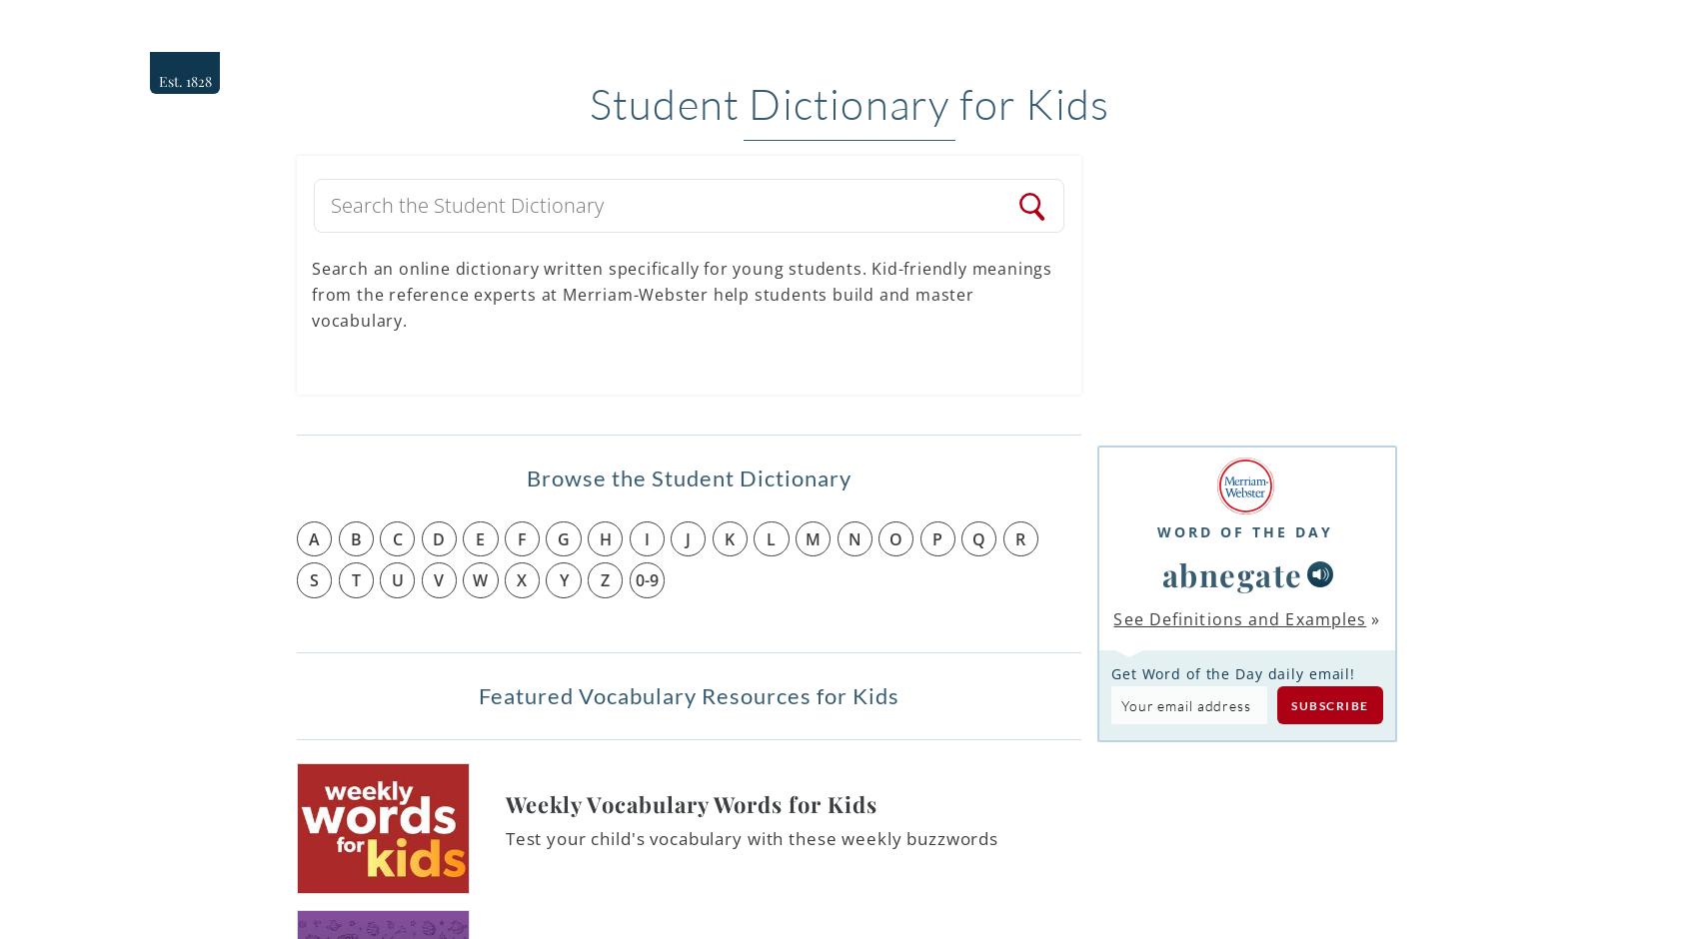  Describe the element at coordinates (1313, 401) in the screenshot. I see `'Can you outdo past winners of the National Spelli...'` at that location.